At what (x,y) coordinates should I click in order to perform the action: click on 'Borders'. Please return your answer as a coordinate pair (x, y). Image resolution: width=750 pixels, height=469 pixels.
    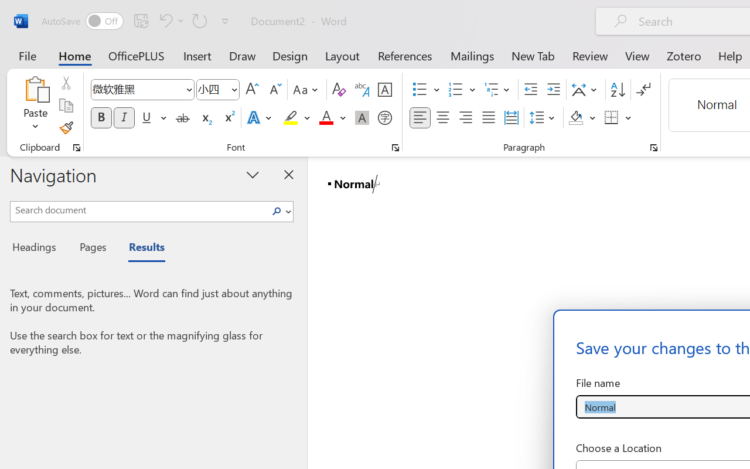
    Looking at the image, I should click on (618, 118).